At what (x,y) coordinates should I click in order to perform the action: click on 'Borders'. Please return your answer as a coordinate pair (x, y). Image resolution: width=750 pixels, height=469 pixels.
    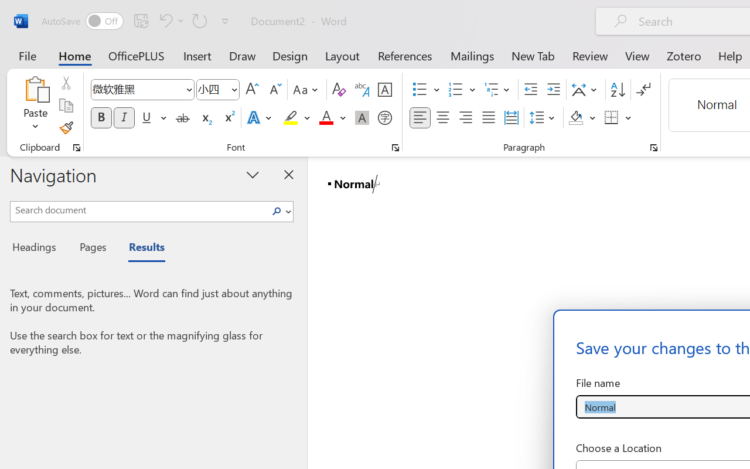
    Looking at the image, I should click on (618, 118).